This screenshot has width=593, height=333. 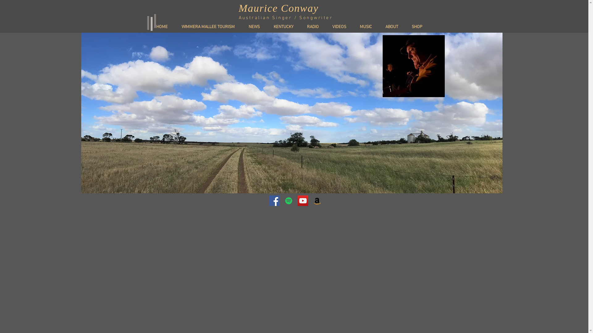 What do you see at coordinates (152, 27) in the screenshot?
I see `'HOME'` at bounding box center [152, 27].